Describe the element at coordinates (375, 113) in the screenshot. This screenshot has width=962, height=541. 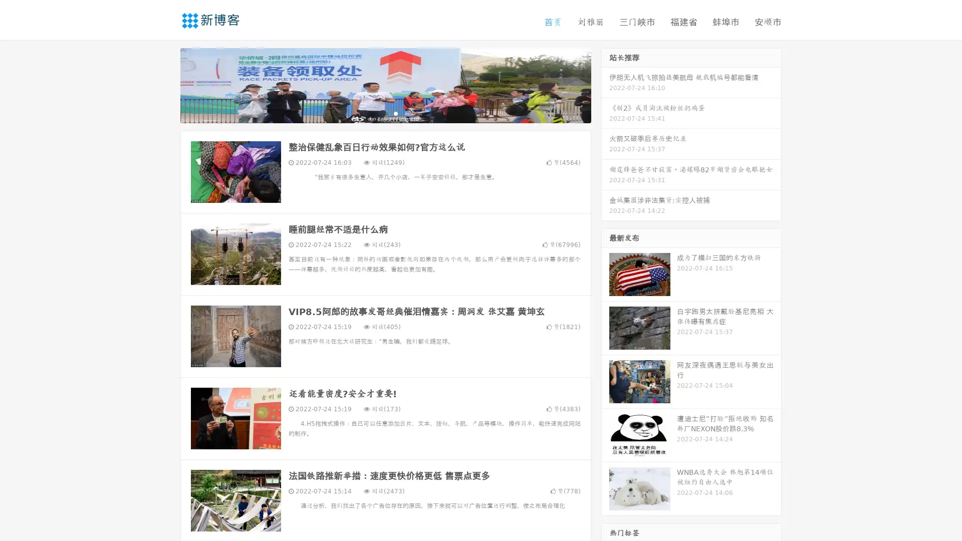
I see `Go to slide 1` at that location.